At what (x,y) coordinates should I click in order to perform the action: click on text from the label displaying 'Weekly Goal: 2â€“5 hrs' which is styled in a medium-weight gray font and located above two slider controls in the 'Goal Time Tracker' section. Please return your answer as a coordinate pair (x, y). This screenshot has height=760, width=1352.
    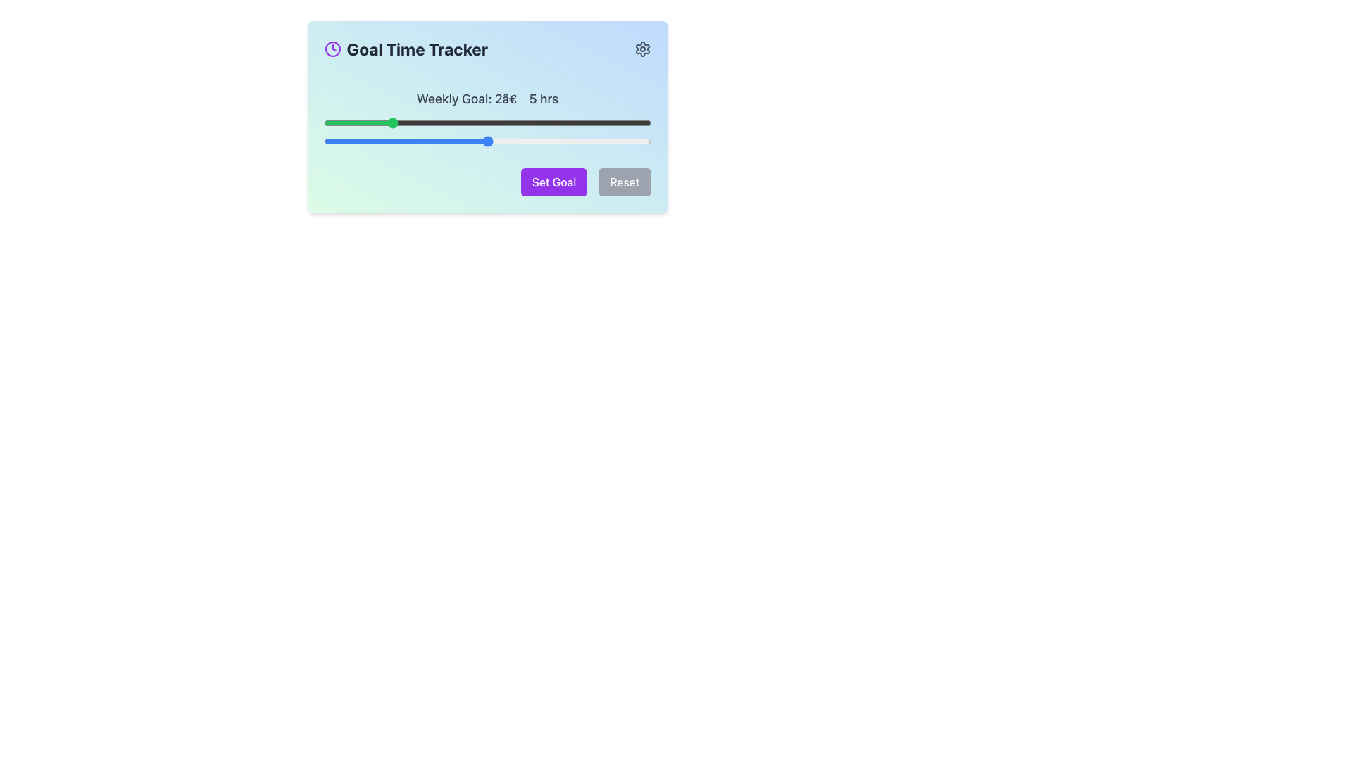
    Looking at the image, I should click on (487, 119).